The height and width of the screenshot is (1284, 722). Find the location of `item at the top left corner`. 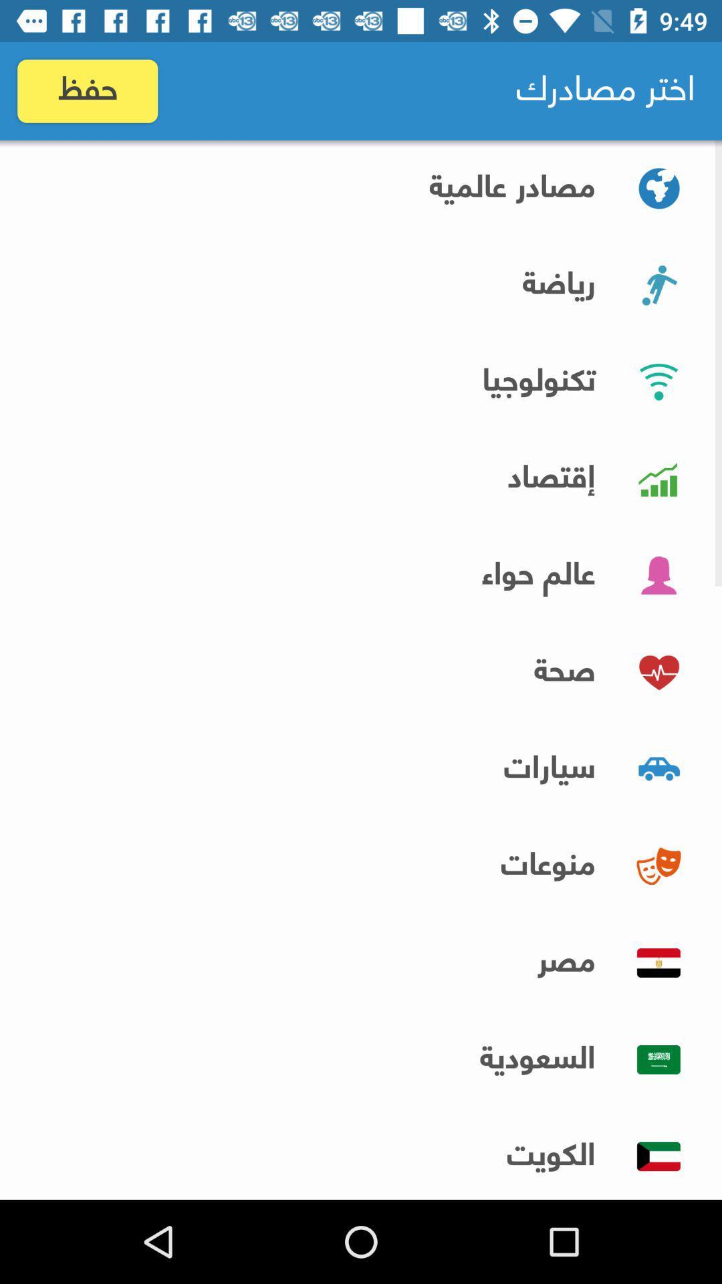

item at the top left corner is located at coordinates (88, 90).